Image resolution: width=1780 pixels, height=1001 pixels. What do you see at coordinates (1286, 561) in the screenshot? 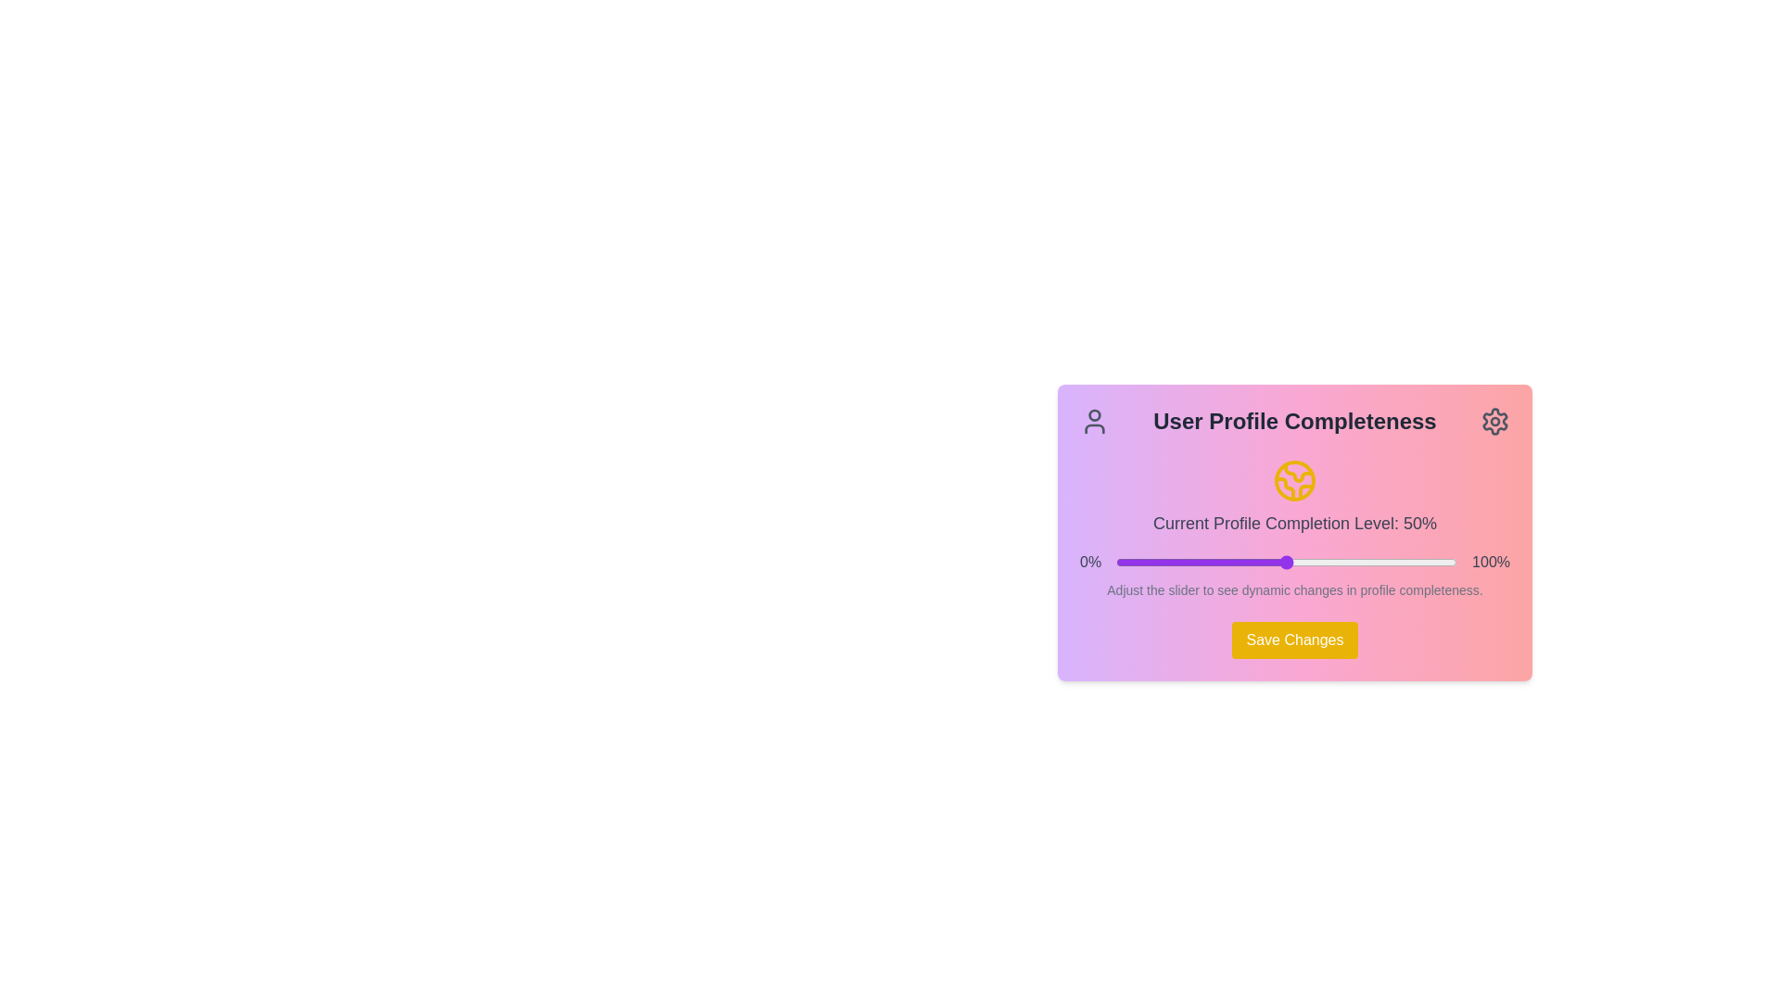
I see `the handle of the Range slider for adjusting the profile completion percentage, located centrally between the '0%' and '100%' labels` at bounding box center [1286, 561].